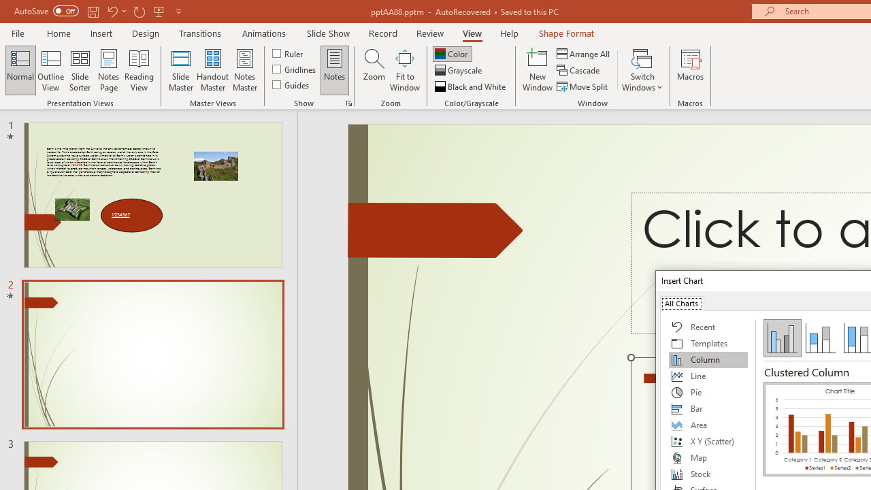  I want to click on 'Area', so click(708, 424).